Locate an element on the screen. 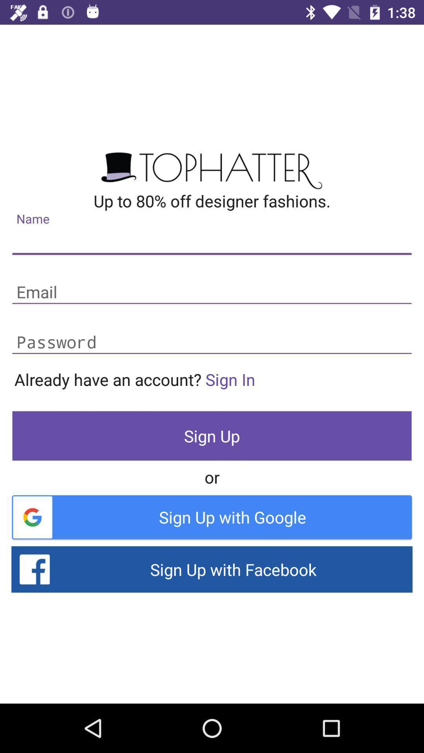  address is located at coordinates (212, 242).